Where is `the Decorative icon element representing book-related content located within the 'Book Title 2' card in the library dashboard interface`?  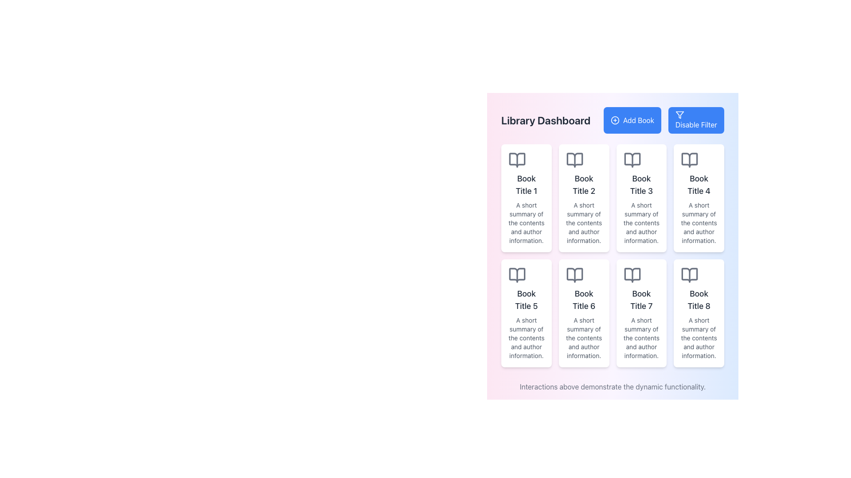
the Decorative icon element representing book-related content located within the 'Book Title 2' card in the library dashboard interface is located at coordinates (574, 160).